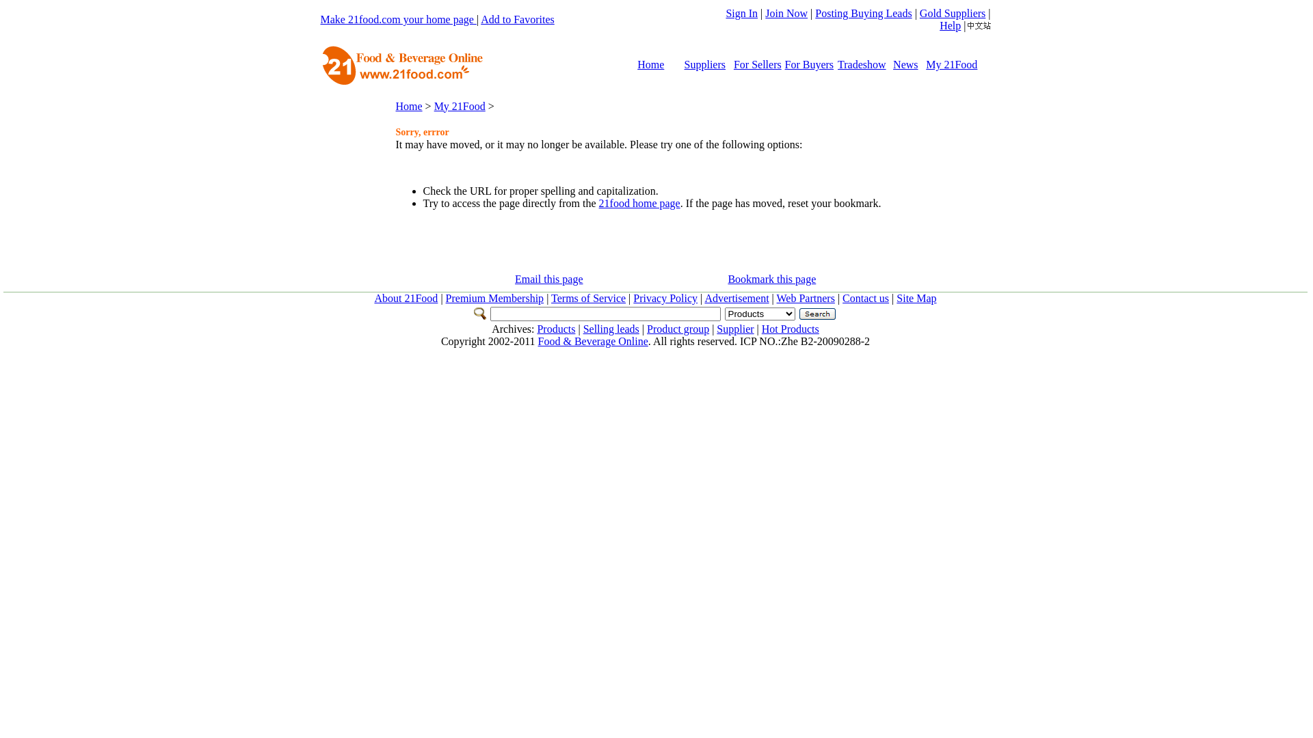 Image resolution: width=1313 pixels, height=738 pixels. I want to click on 'Add to Favorites', so click(517, 19).